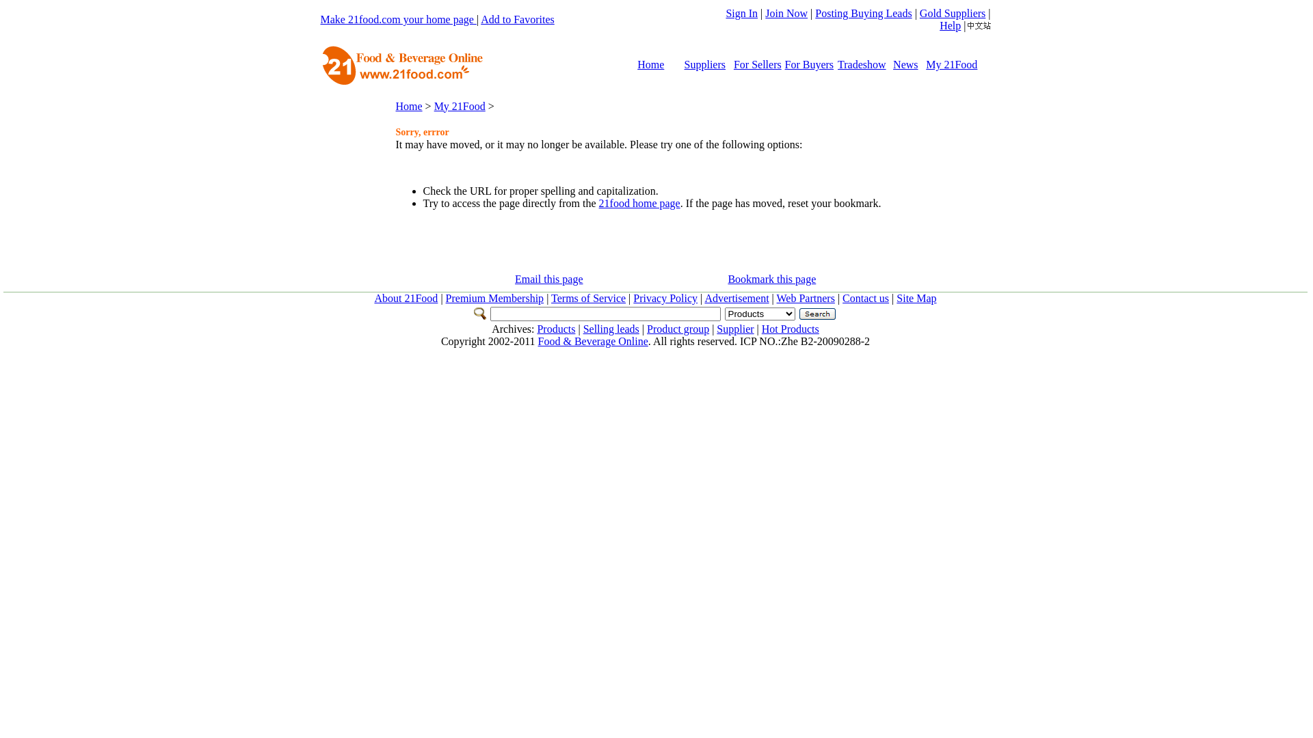 Image resolution: width=1313 pixels, height=738 pixels. I want to click on 'Add to Favorites', so click(517, 19).